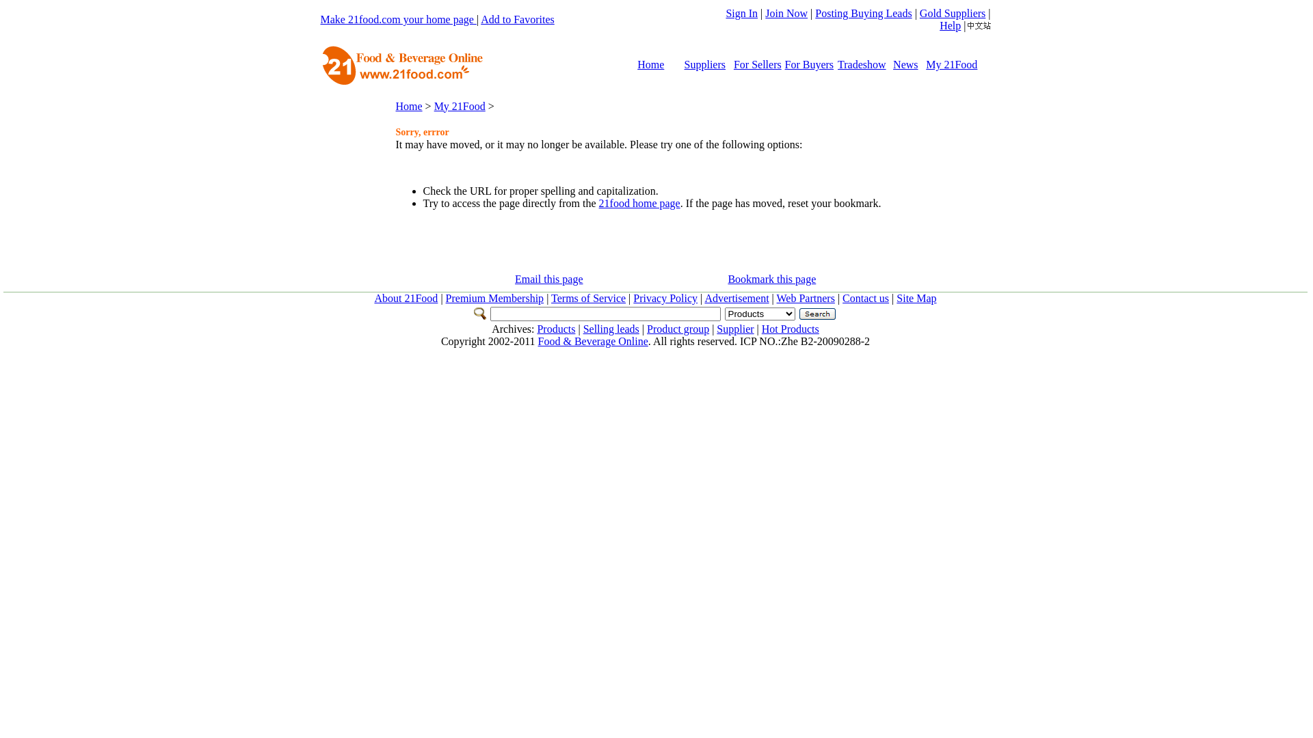 Image resolution: width=1313 pixels, height=738 pixels. I want to click on 'Add to Favorites', so click(517, 19).